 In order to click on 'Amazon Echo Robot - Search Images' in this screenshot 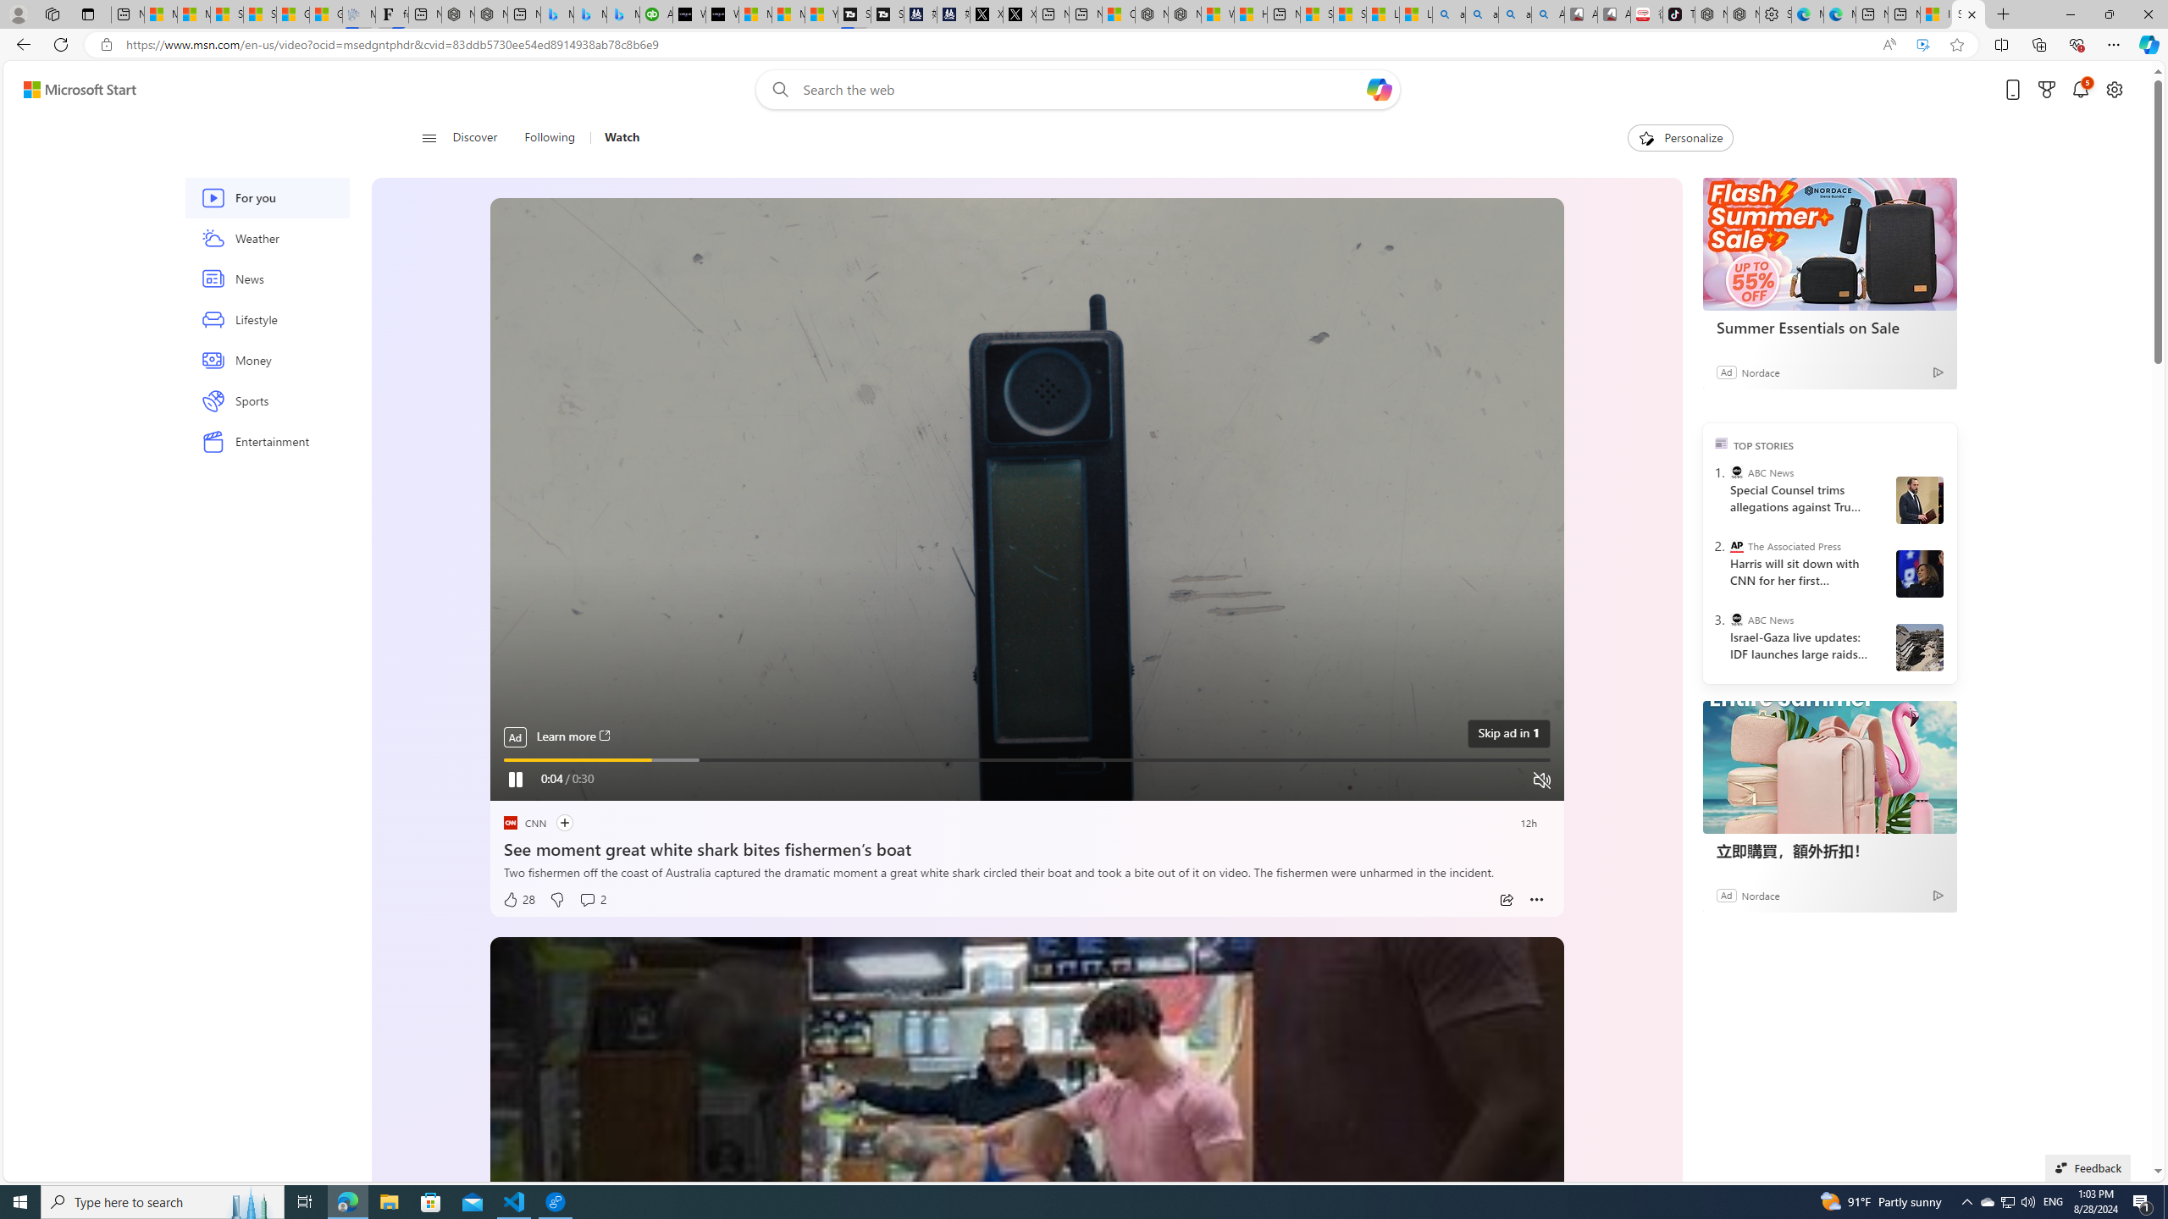, I will do `click(1546, 14)`.